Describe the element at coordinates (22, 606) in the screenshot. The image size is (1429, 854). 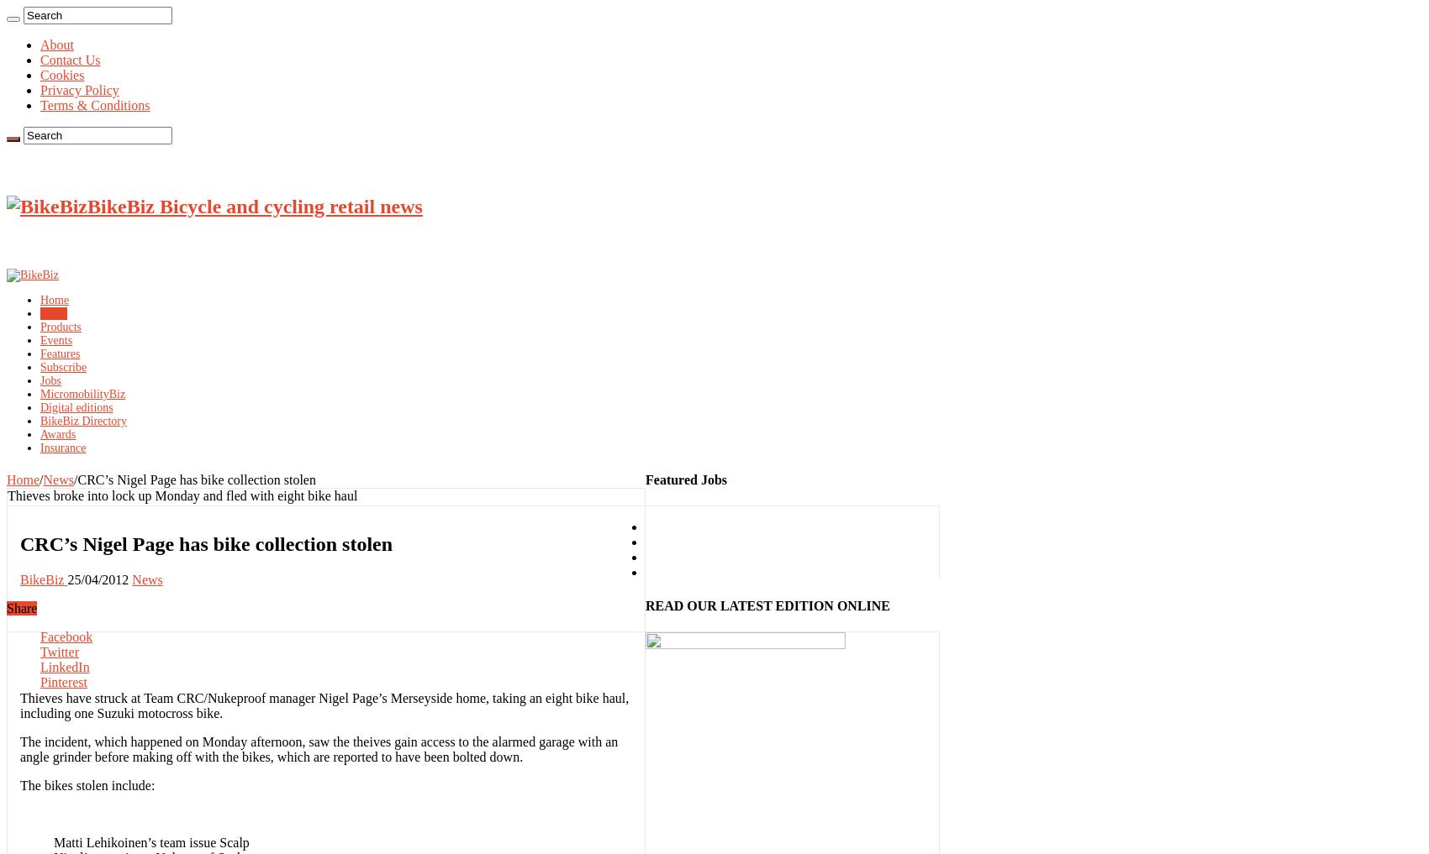
I see `'Share'` at that location.